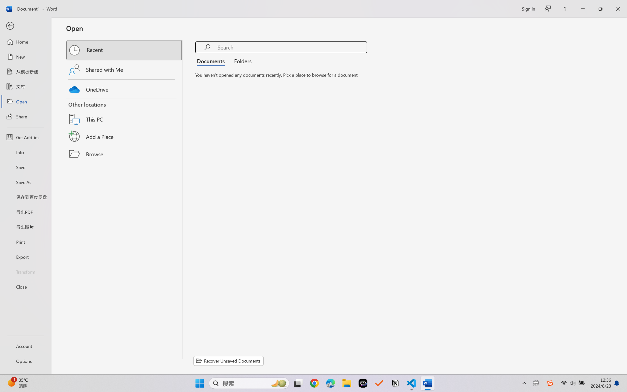 The width and height of the screenshot is (627, 392). Describe the element at coordinates (25, 361) in the screenshot. I see `'Options'` at that location.